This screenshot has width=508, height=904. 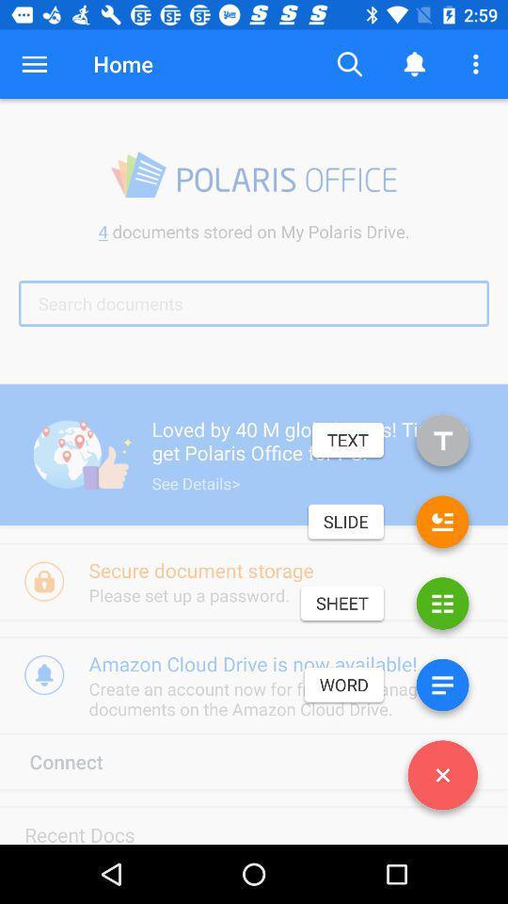 What do you see at coordinates (123, 64) in the screenshot?
I see `home item` at bounding box center [123, 64].